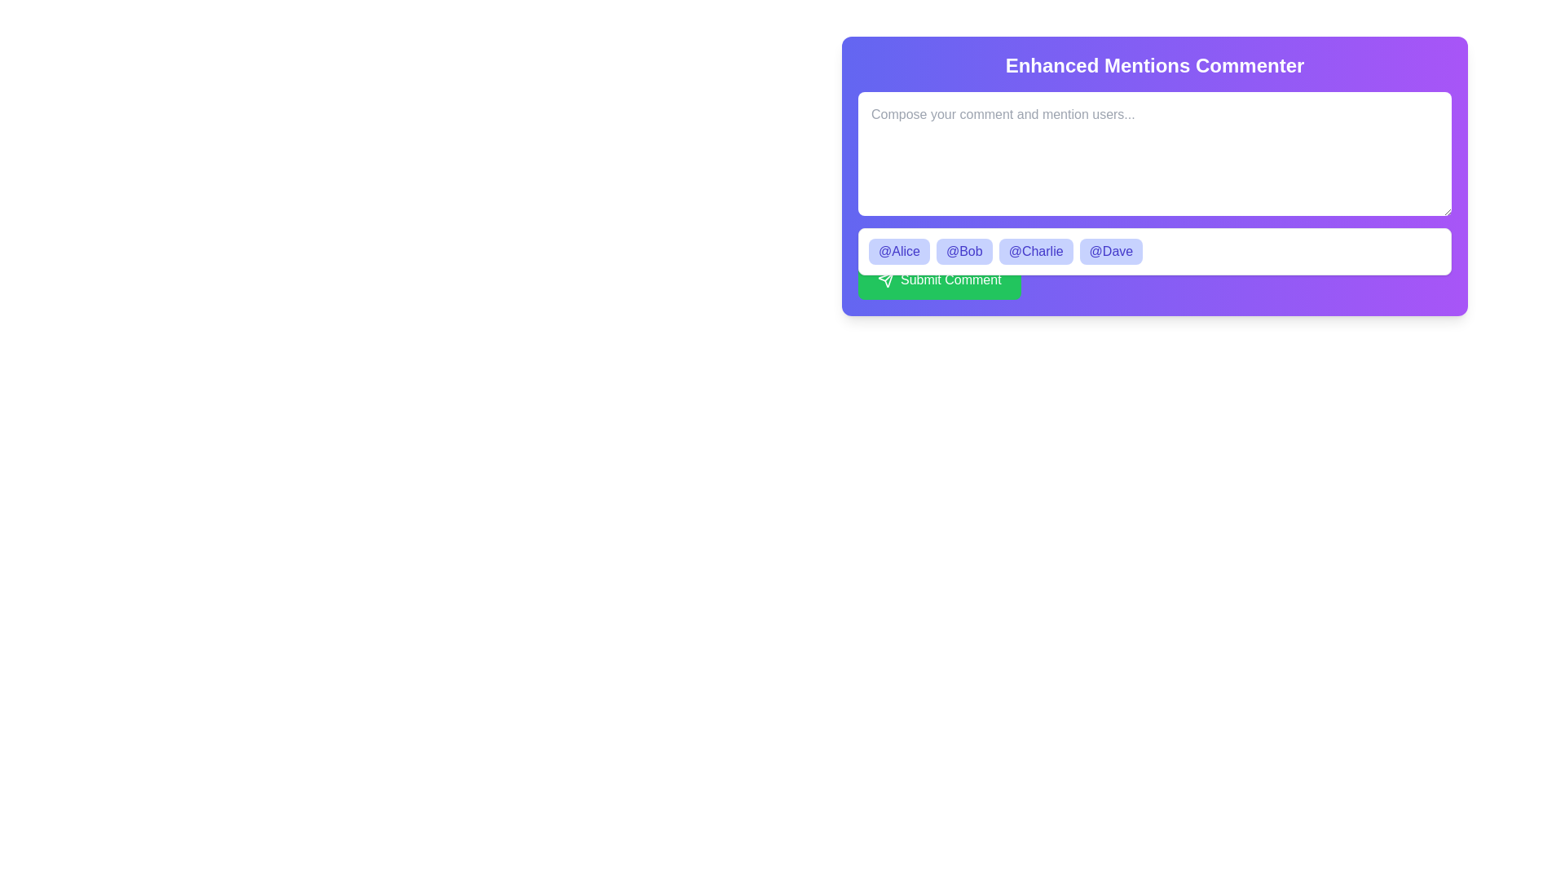  Describe the element at coordinates (867, 244) in the screenshot. I see `the yellow circular shape within the SVG graphic of the smiling face, which is positioned inside a mention tag interface` at that location.